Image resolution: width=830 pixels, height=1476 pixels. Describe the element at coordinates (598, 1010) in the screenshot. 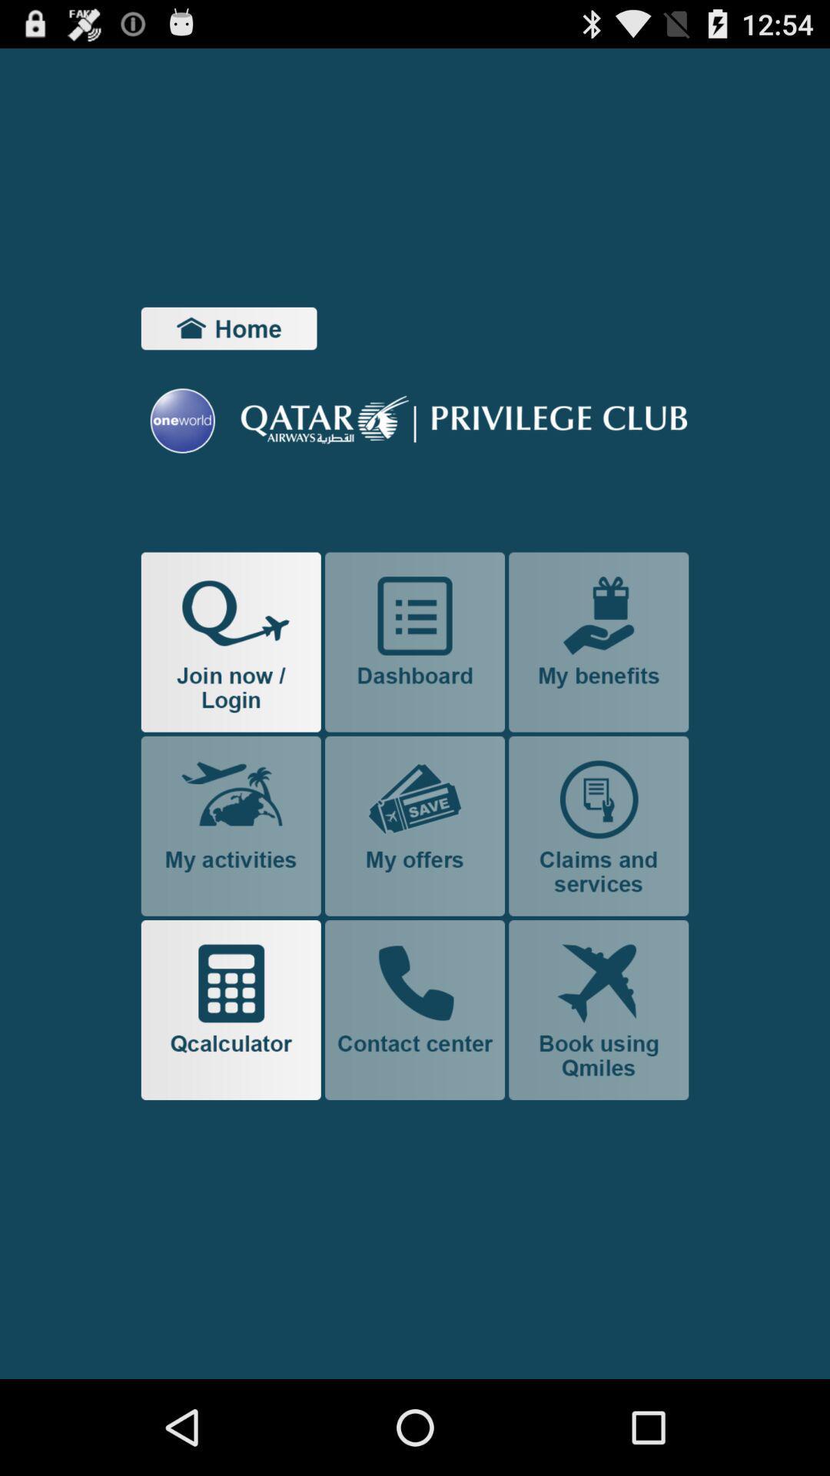

I see `the icon at the bottom right corner` at that location.